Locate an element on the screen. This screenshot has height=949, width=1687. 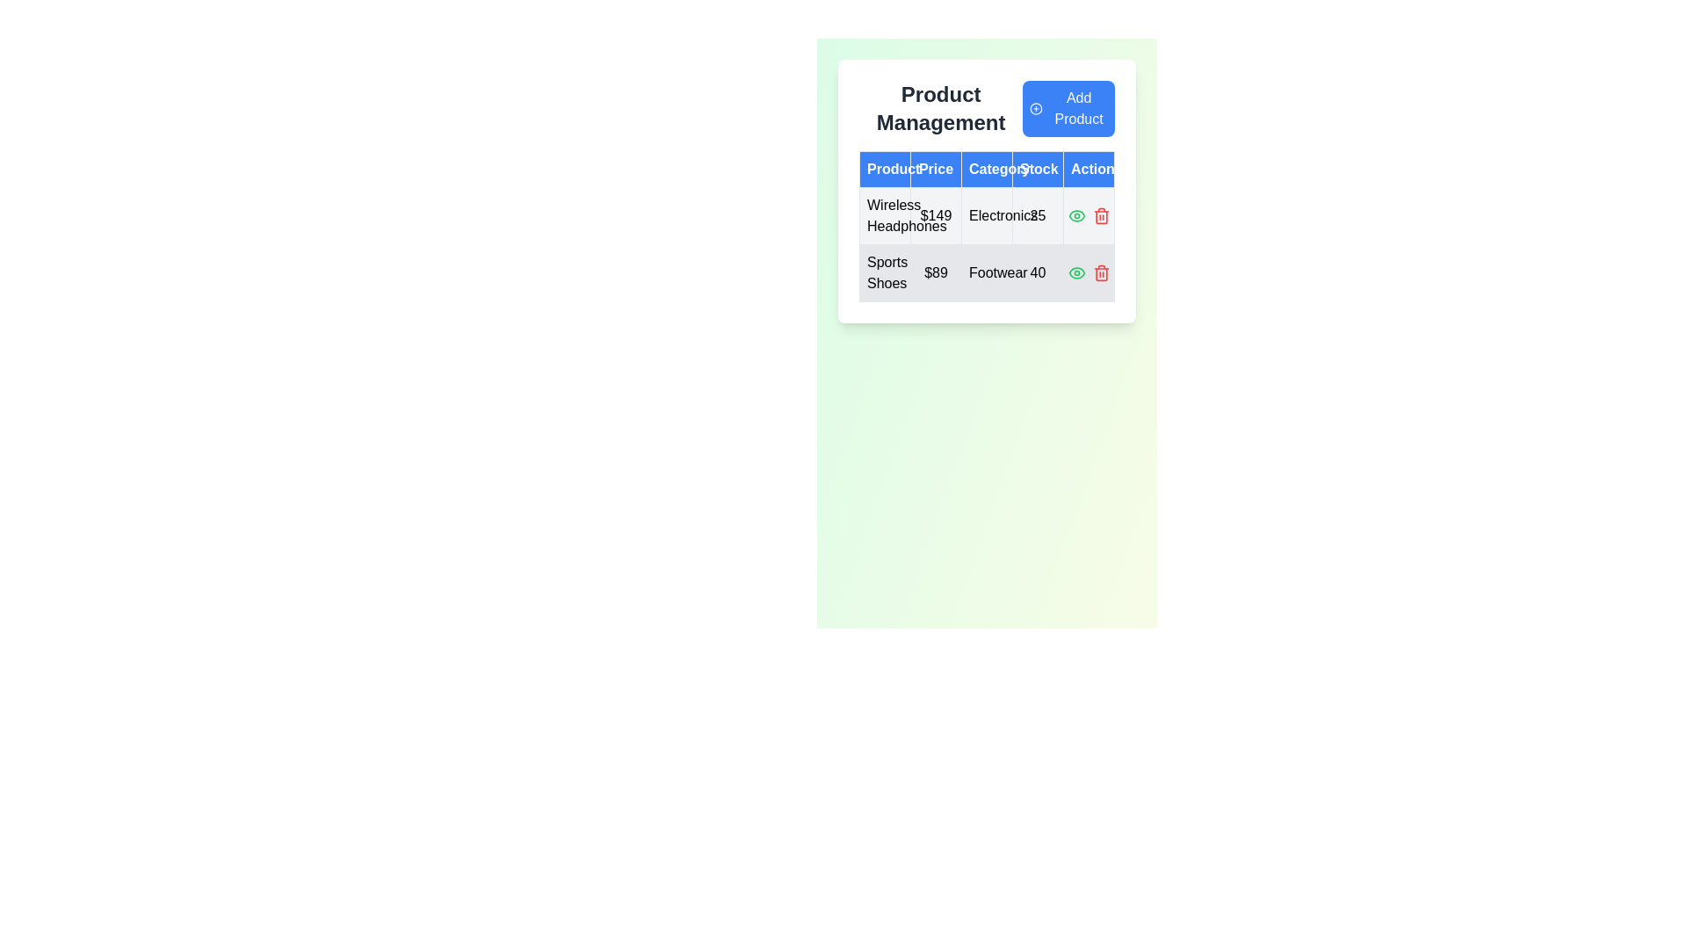
'Product Management' title from the Section Header with action button element, which features a bold title on the left and an 'Add Product' button on the right is located at coordinates (987, 108).